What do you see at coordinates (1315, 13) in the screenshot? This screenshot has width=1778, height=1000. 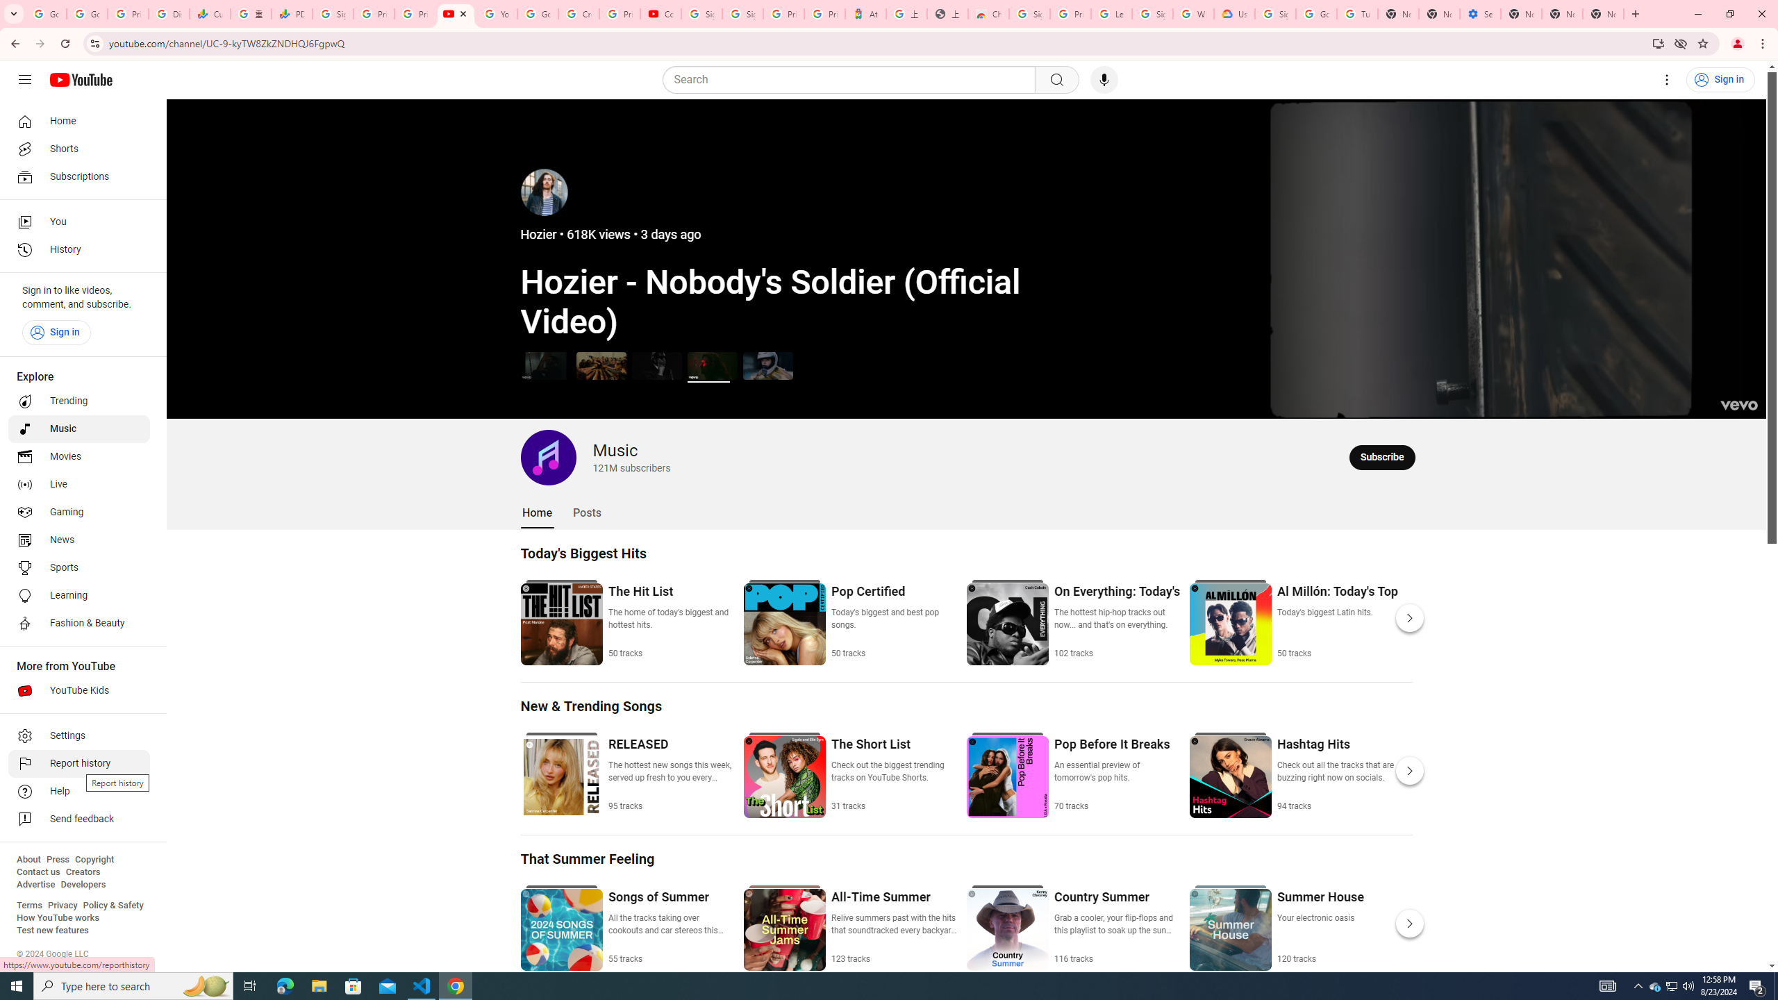 I see `'Google Account Help'` at bounding box center [1315, 13].